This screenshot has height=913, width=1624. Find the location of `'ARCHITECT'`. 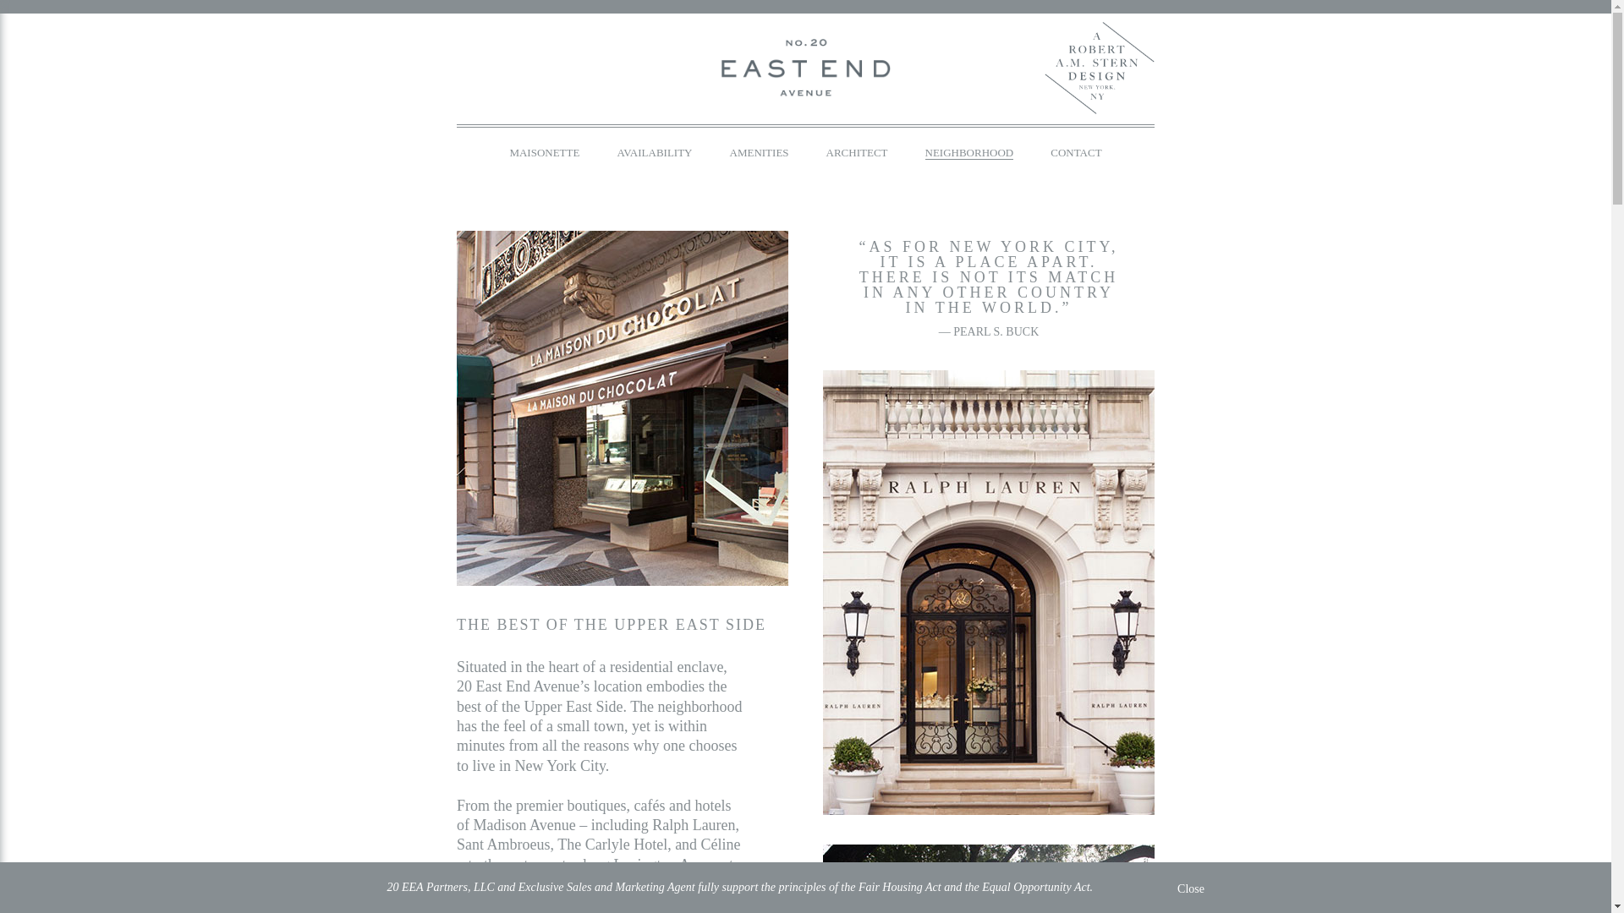

'ARCHITECT' is located at coordinates (857, 152).